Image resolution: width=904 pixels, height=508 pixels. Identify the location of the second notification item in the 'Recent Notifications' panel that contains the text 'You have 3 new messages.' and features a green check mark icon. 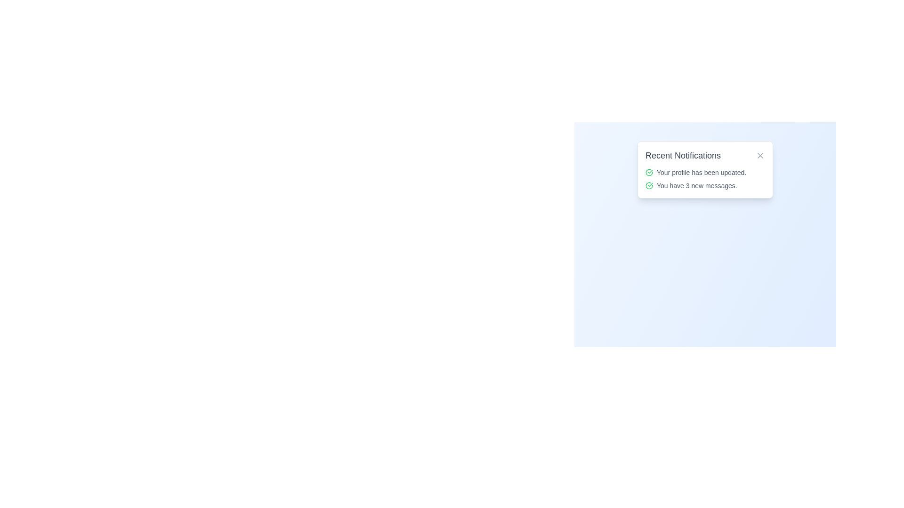
(705, 185).